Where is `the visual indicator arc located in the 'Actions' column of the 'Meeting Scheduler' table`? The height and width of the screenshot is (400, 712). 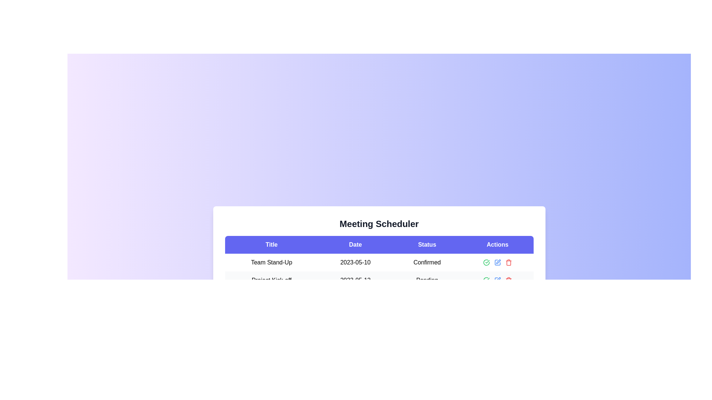 the visual indicator arc located in the 'Actions' column of the 'Meeting Scheduler' table is located at coordinates (486, 280).